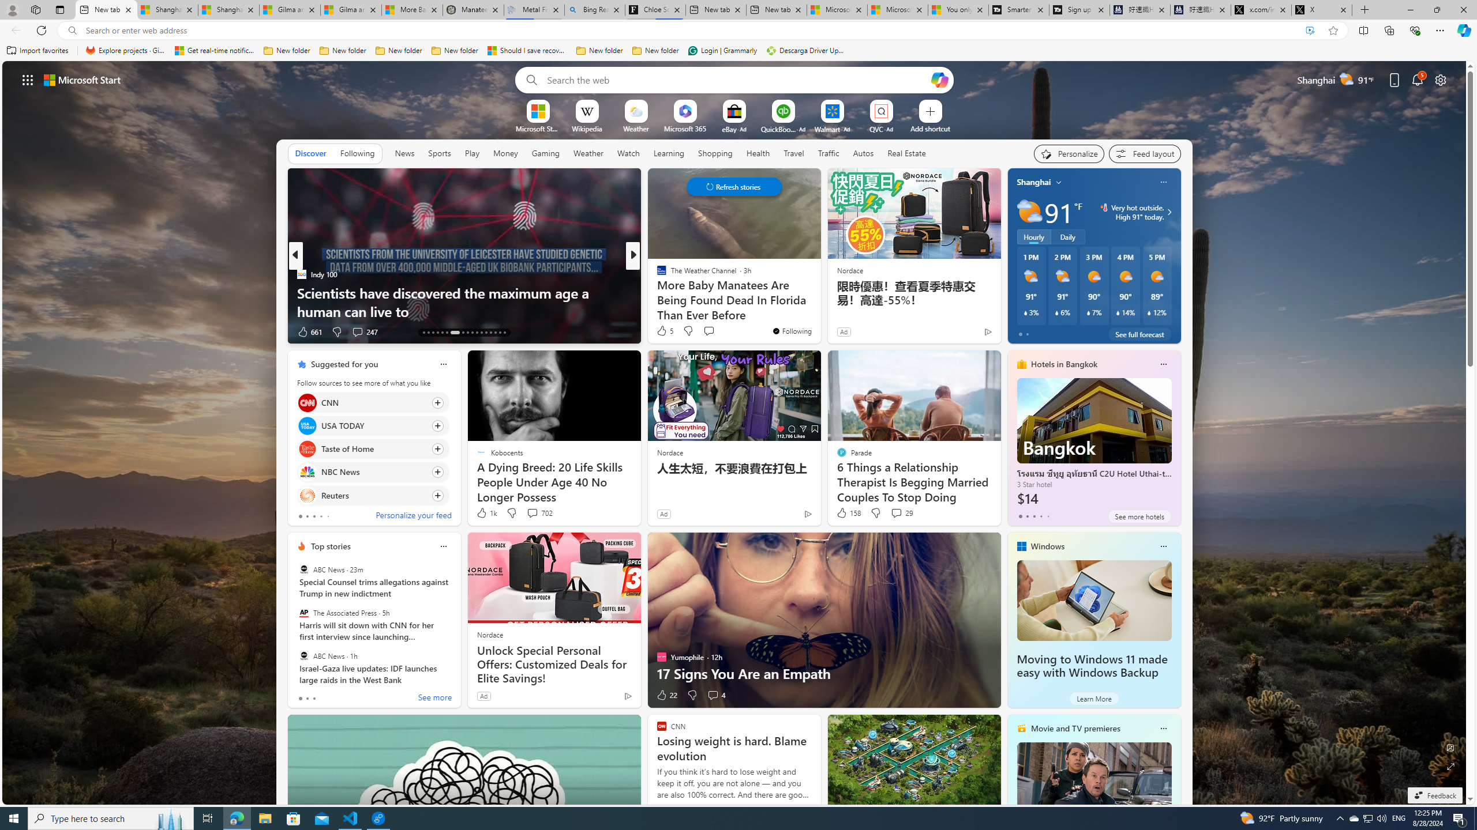 The image size is (1477, 830). What do you see at coordinates (1033, 236) in the screenshot?
I see `'Hourly'` at bounding box center [1033, 236].